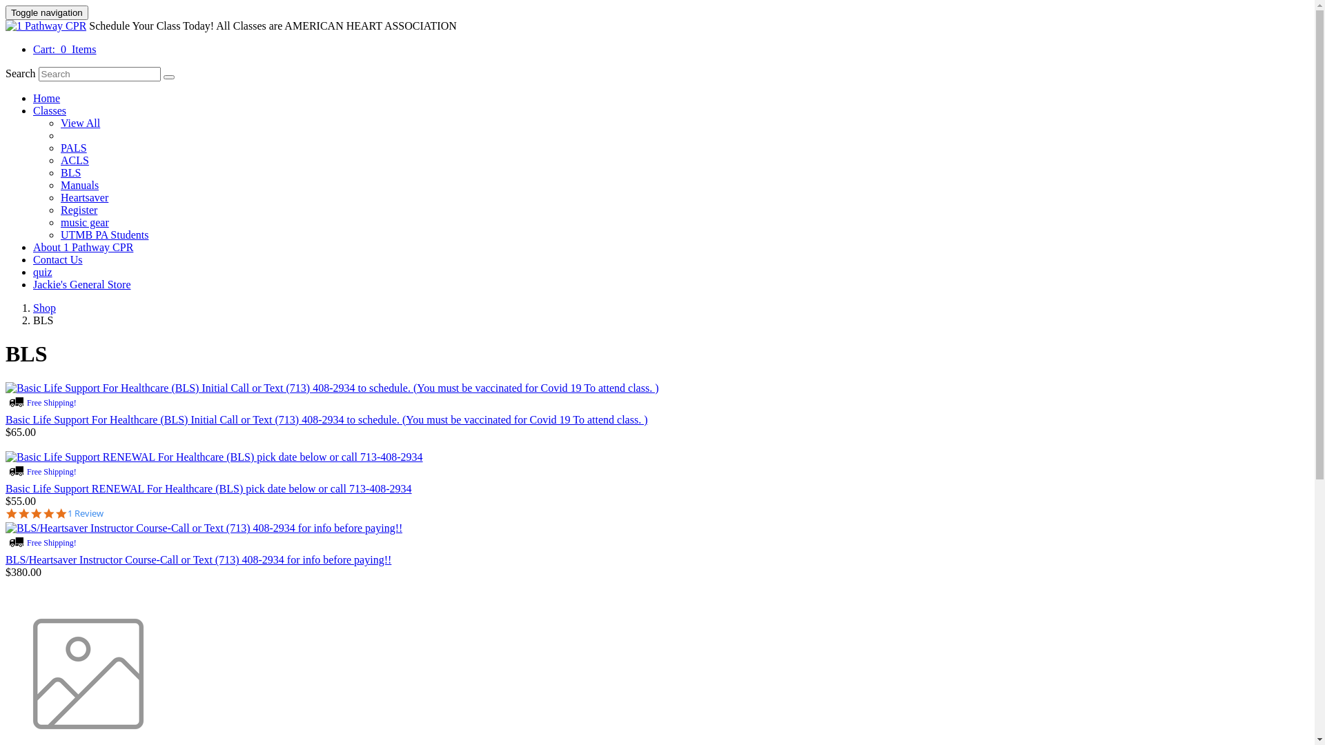 The height and width of the screenshot is (745, 1325). What do you see at coordinates (59, 197) in the screenshot?
I see `'Heartsaver'` at bounding box center [59, 197].